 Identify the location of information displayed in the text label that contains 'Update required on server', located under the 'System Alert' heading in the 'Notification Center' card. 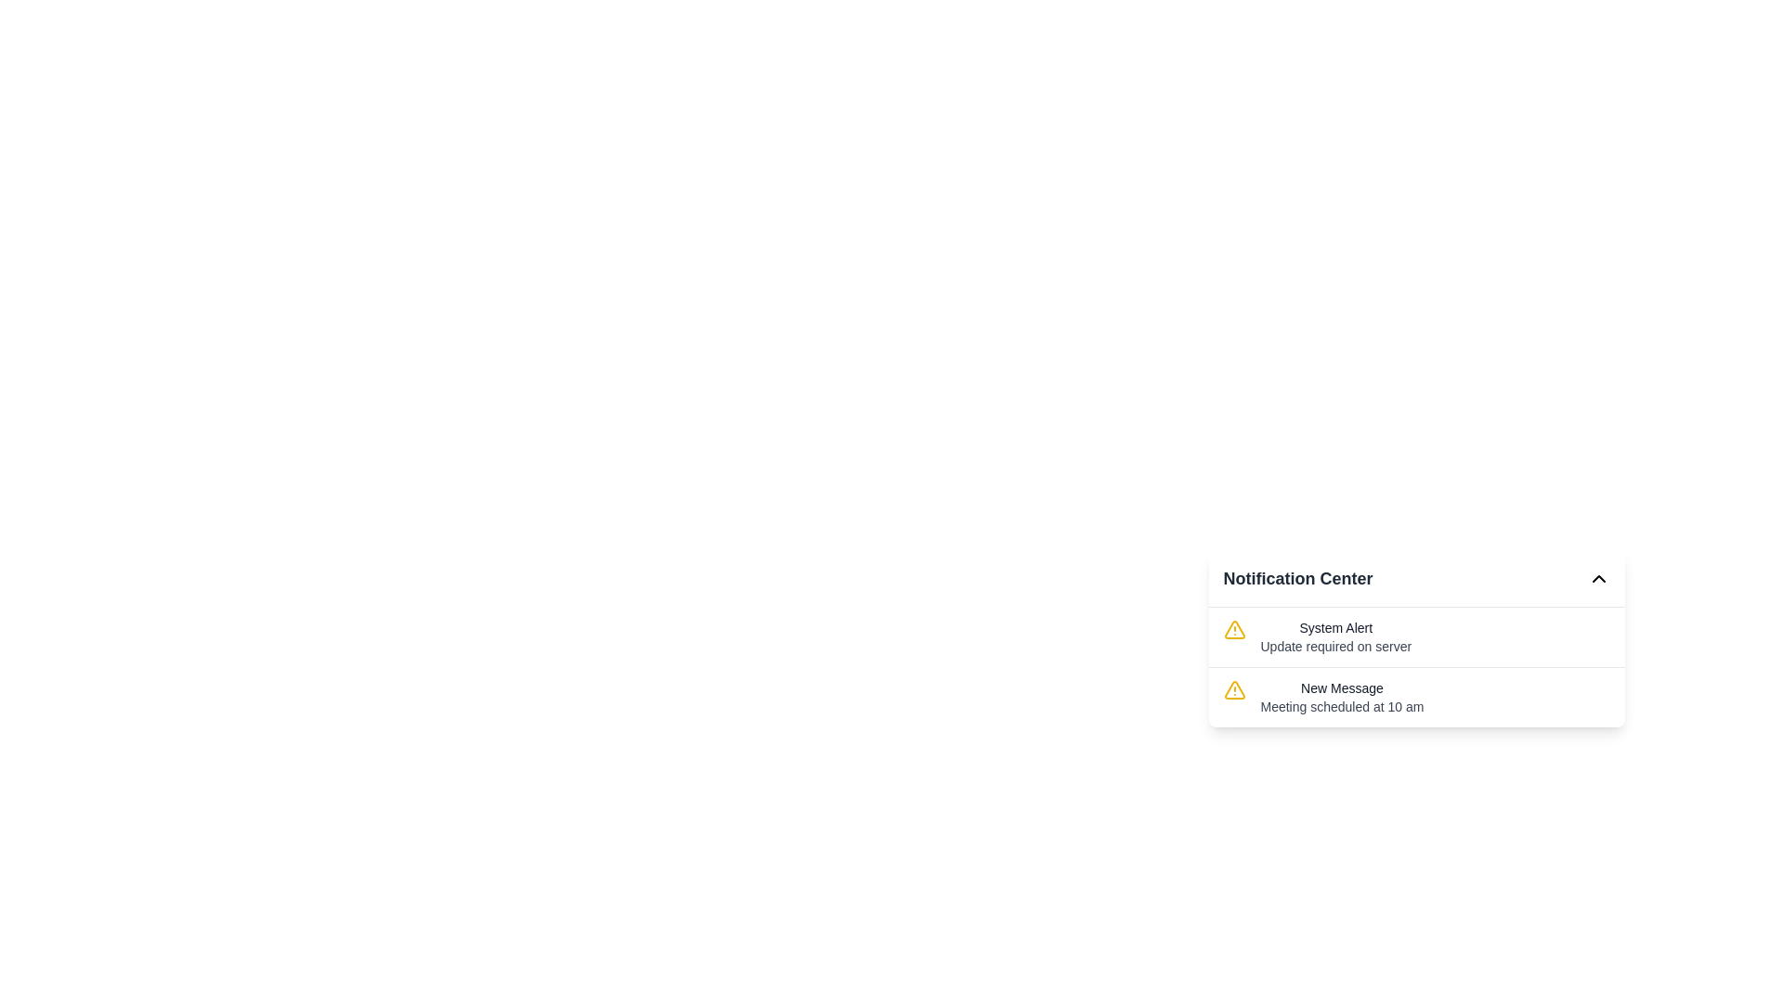
(1334, 646).